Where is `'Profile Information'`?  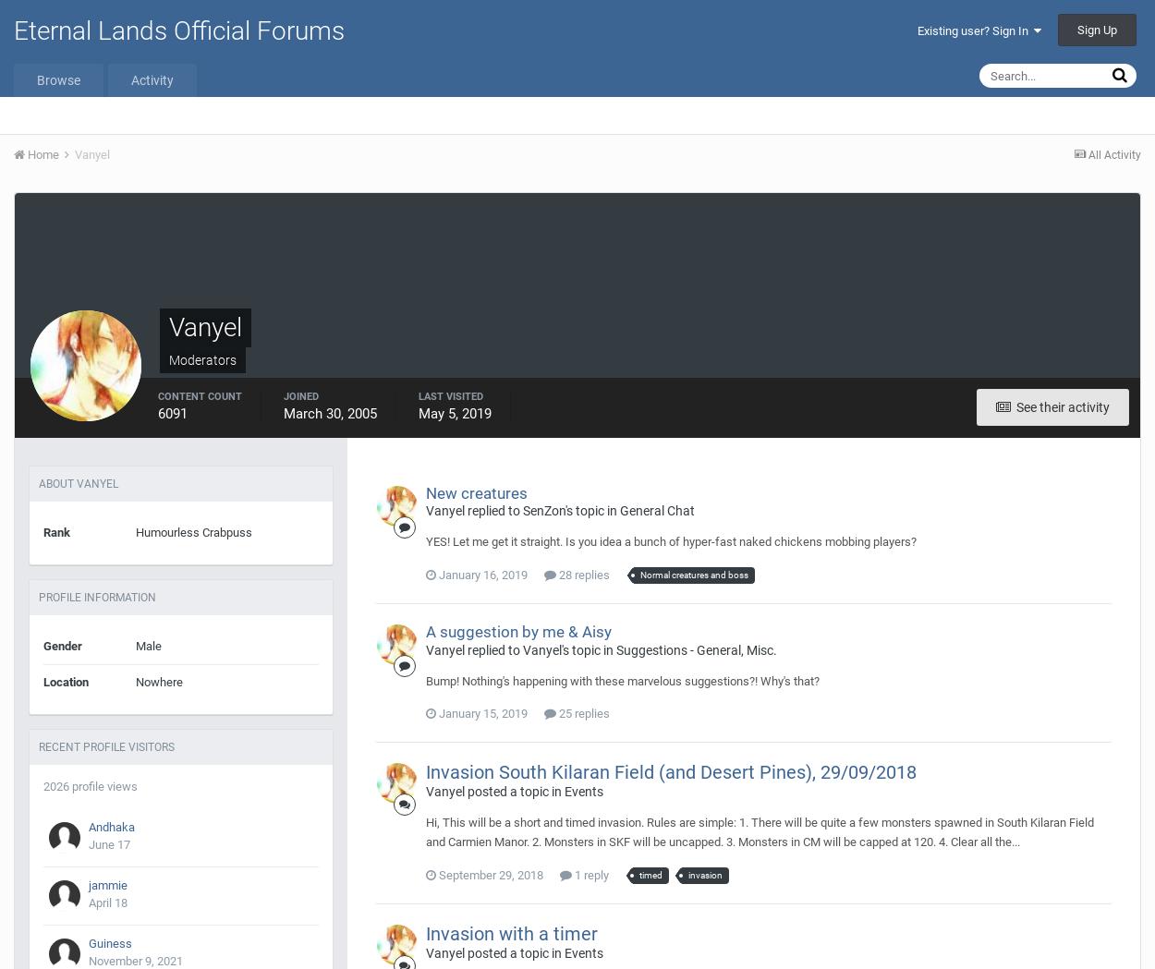 'Profile Information' is located at coordinates (96, 597).